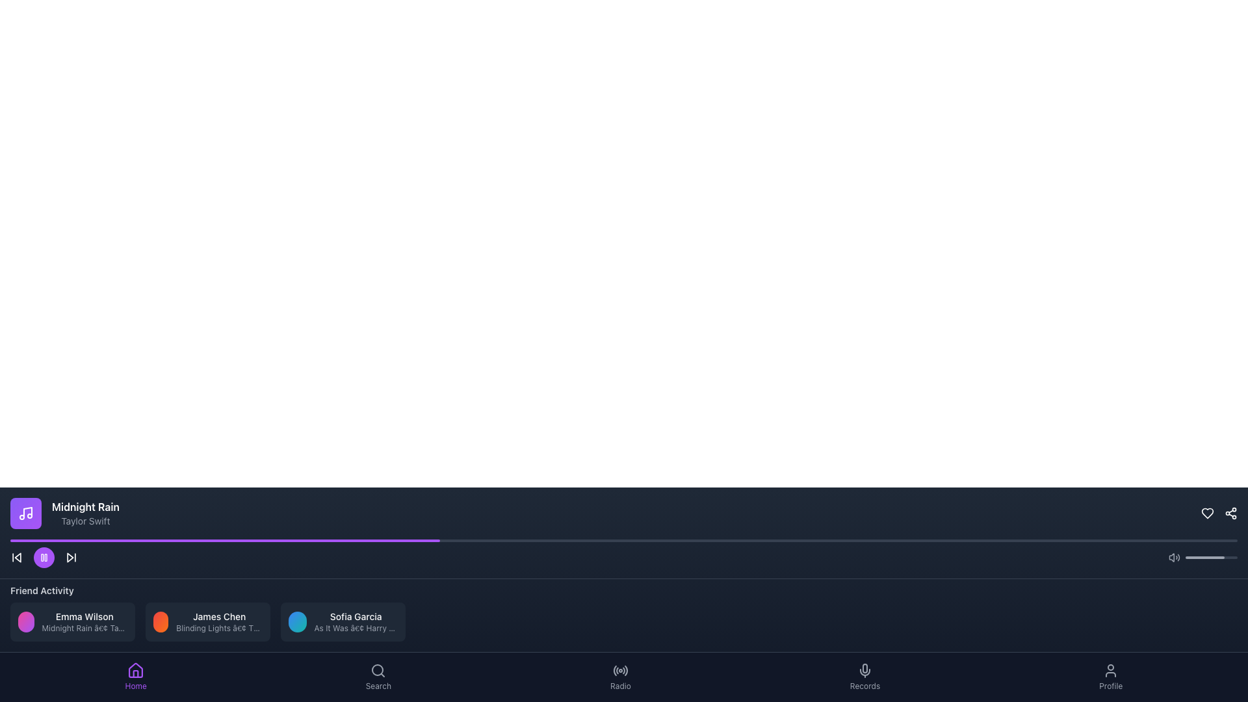 The image size is (1248, 702). What do you see at coordinates (1206, 513) in the screenshot?
I see `the favorite or like button located in the top-right corner of the lower section of the interface, adjacent to the share icon` at bounding box center [1206, 513].